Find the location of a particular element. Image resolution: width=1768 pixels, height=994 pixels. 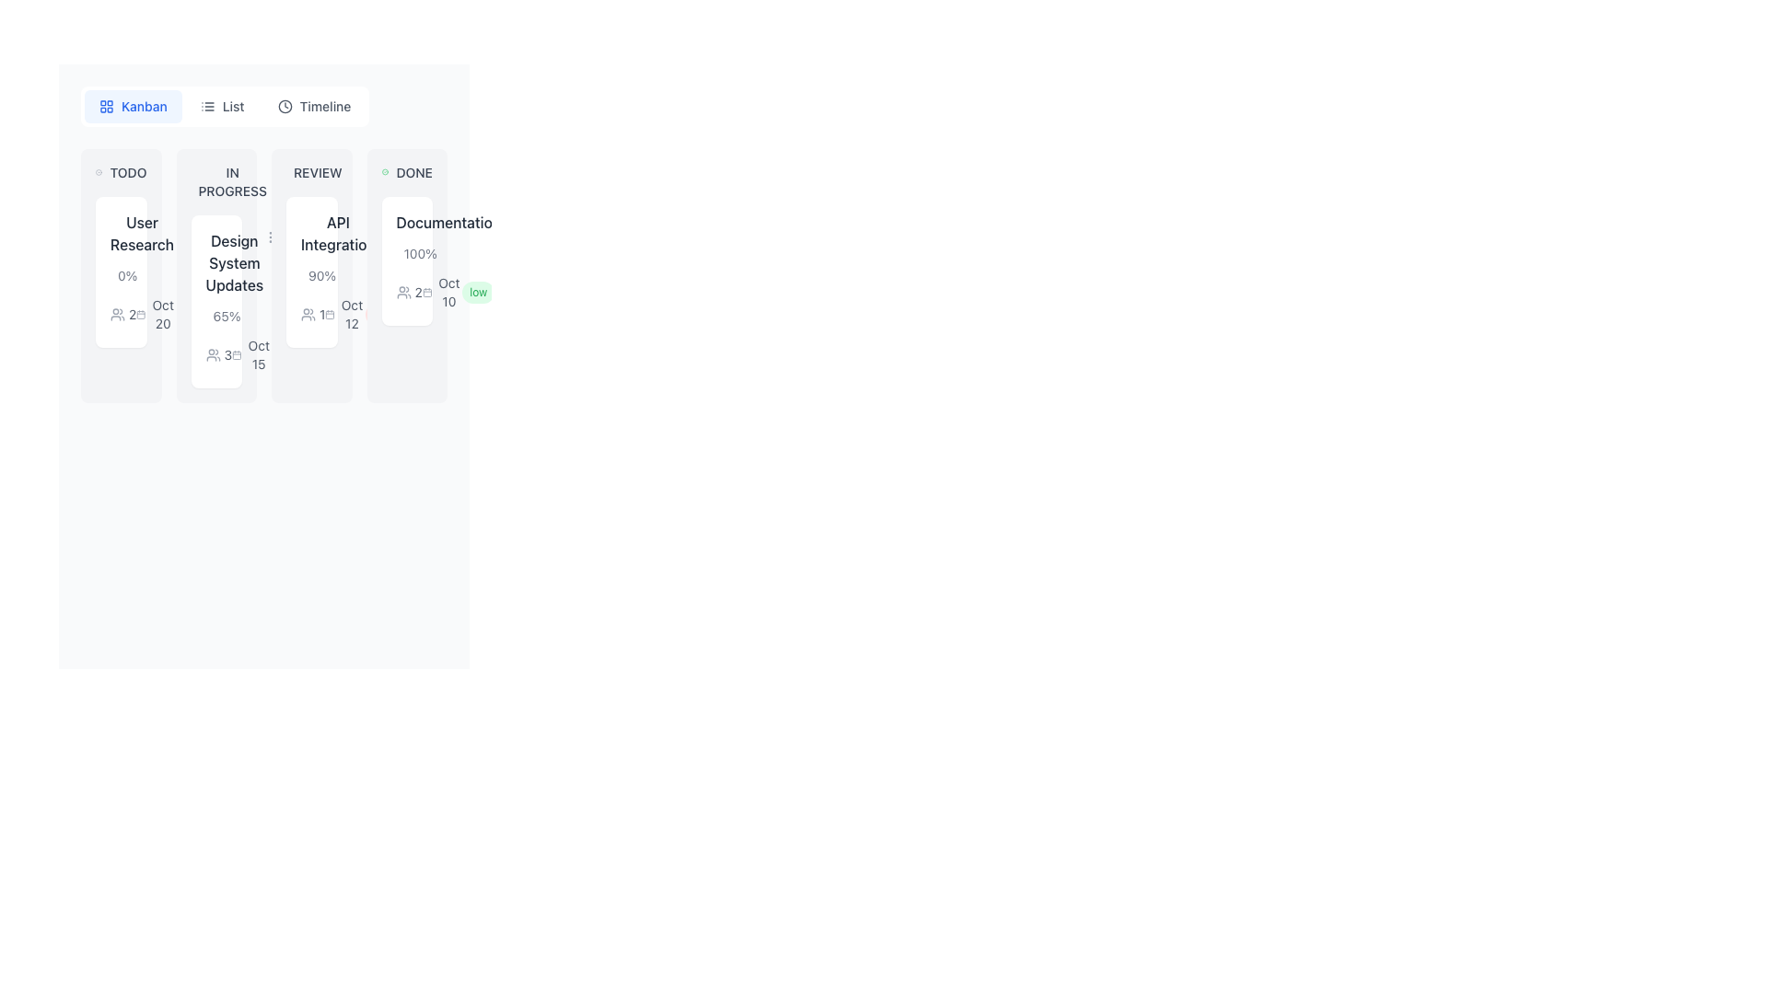

the numeric value text label representing the count of users in the 'REVIEW' column of the Kanban board, associated with the contributors' icon is located at coordinates (322, 314).